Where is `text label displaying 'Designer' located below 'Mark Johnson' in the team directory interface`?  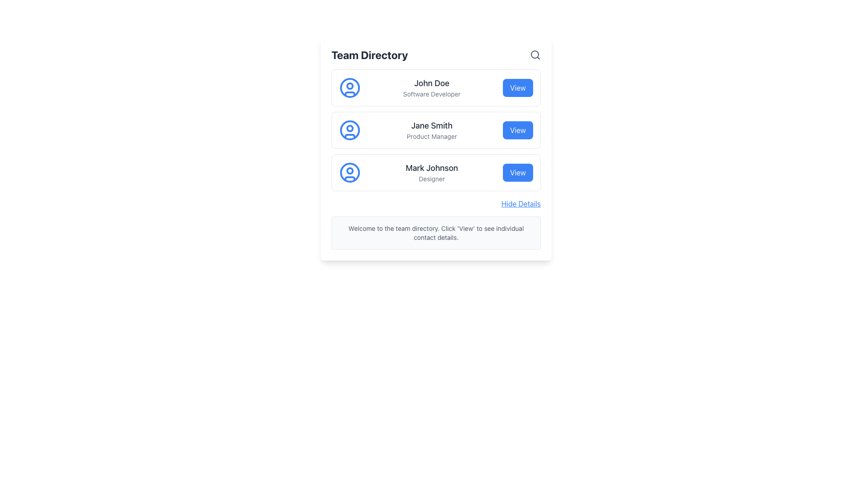 text label displaying 'Designer' located below 'Mark Johnson' in the team directory interface is located at coordinates (431, 179).